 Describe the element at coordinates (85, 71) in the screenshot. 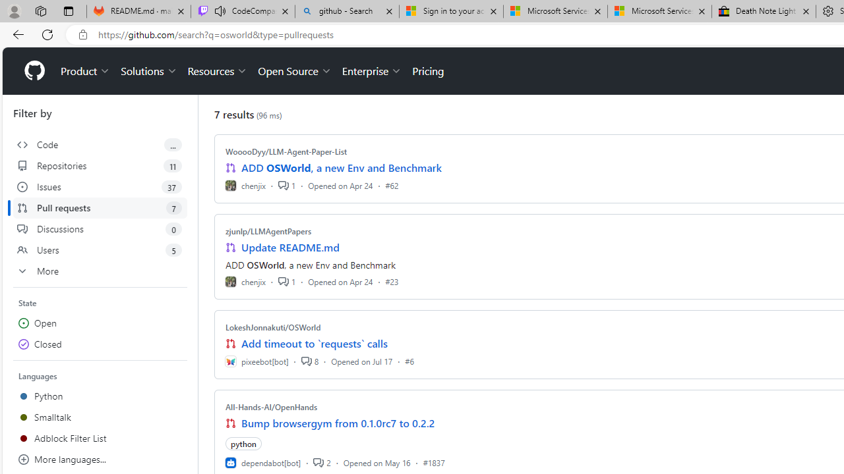

I see `'Product'` at that location.